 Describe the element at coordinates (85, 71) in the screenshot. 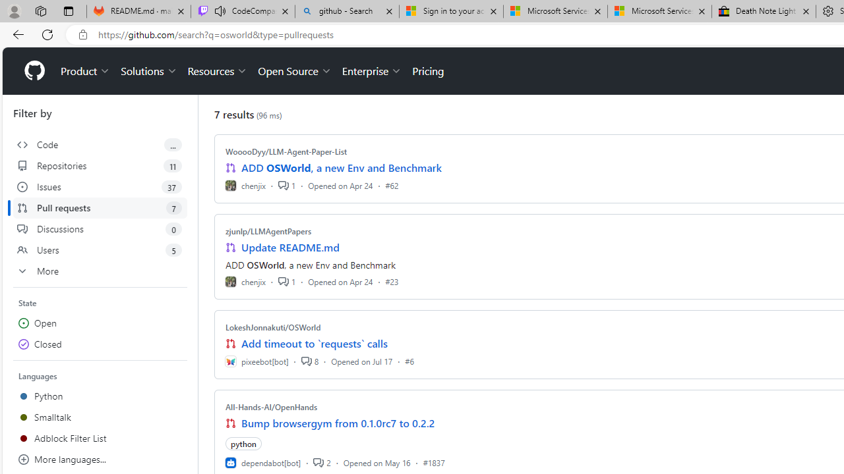

I see `'Product'` at that location.